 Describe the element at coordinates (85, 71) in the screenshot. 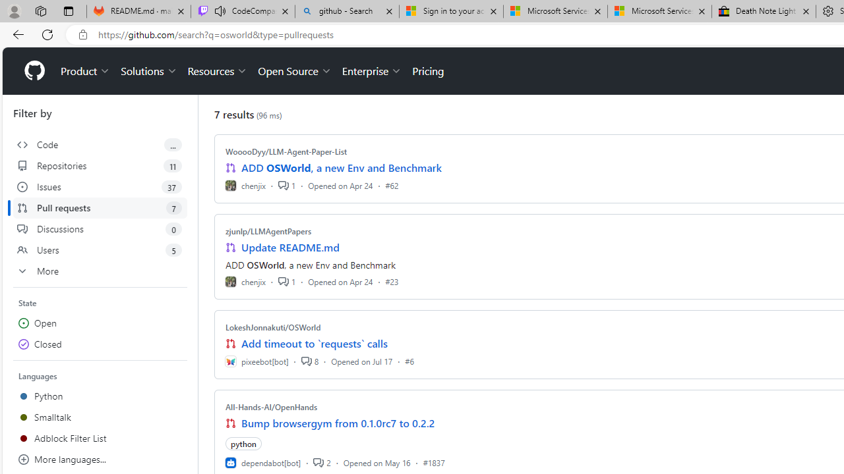

I see `'Product'` at that location.